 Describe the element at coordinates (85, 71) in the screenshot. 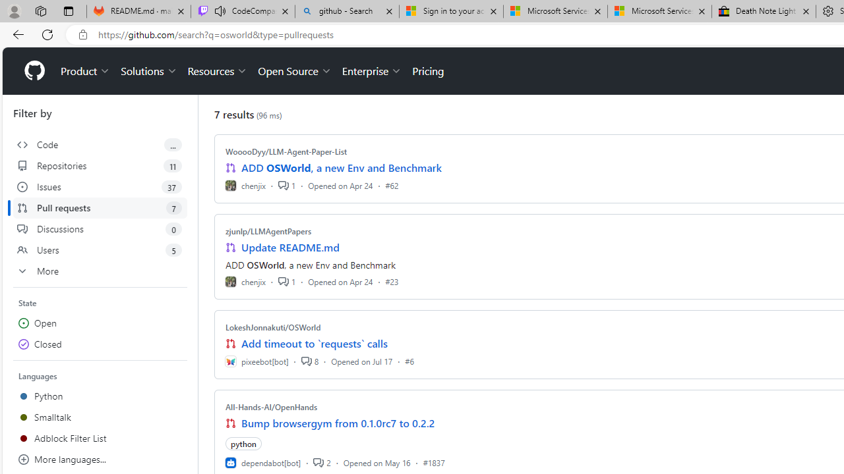

I see `'Product'` at that location.